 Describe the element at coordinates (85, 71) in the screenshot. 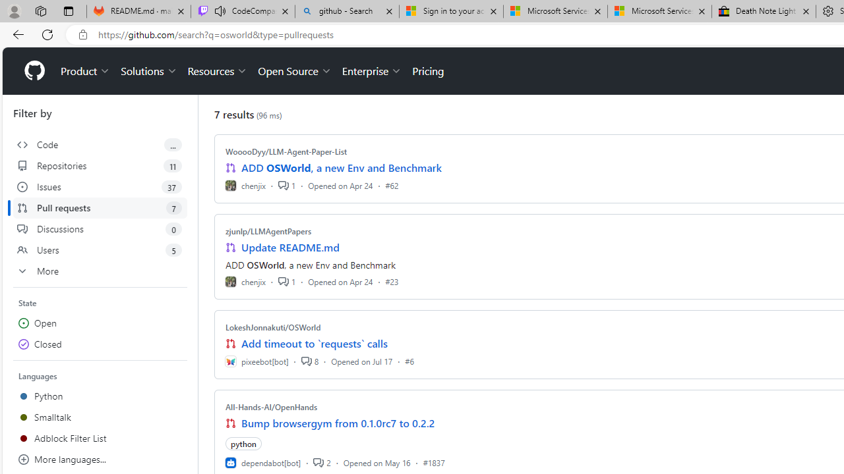

I see `'Product'` at that location.